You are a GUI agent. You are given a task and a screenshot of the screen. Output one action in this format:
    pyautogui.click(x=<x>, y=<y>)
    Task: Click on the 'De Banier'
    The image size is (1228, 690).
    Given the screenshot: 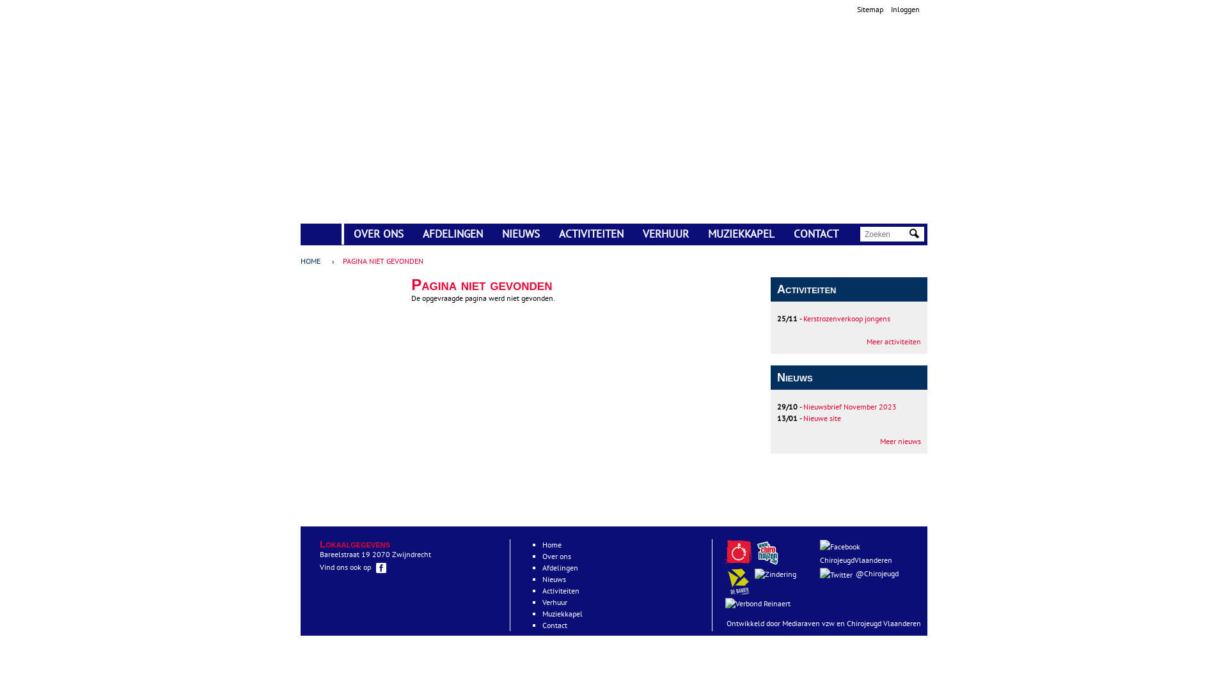 What is the action you would take?
    pyautogui.click(x=738, y=581)
    